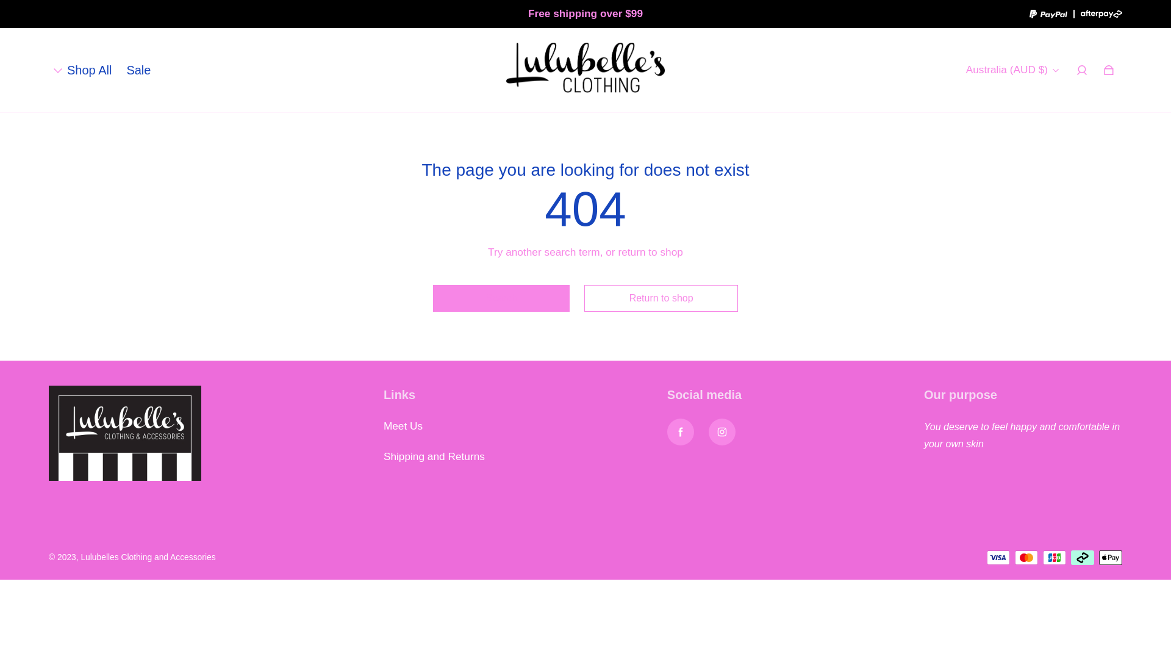  Describe the element at coordinates (138, 70) in the screenshot. I see `'Sale'` at that location.